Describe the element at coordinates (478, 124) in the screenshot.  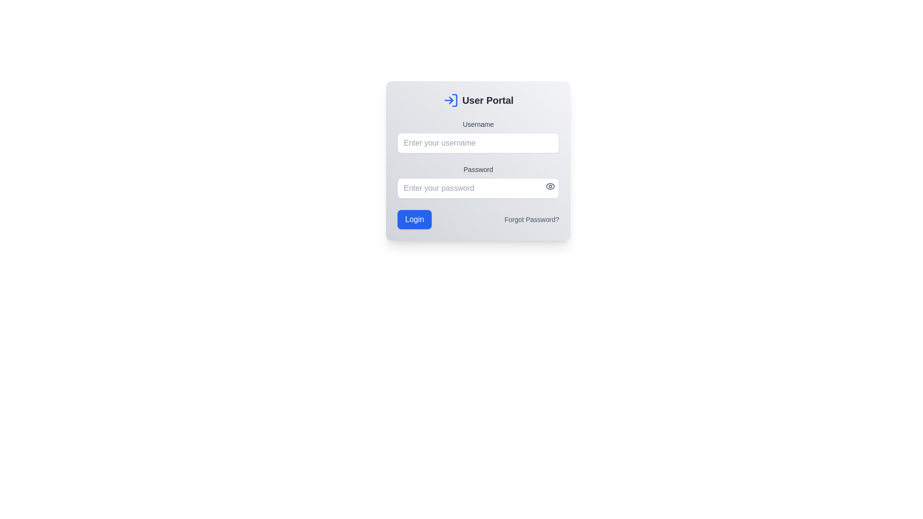
I see `the label that provides context for the username input field, which is centrally aligned above the input field with the placeholder 'Enter your username'` at that location.